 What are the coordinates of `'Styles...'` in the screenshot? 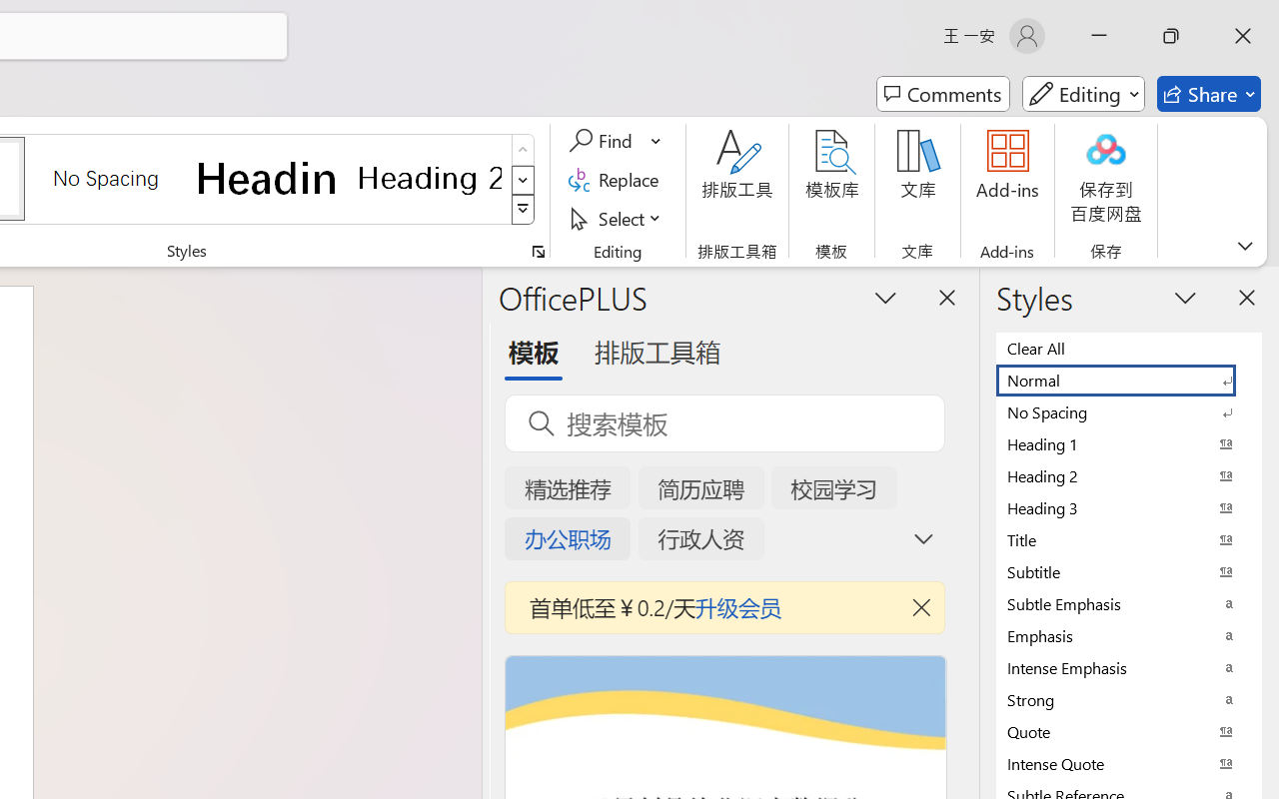 It's located at (538, 251).